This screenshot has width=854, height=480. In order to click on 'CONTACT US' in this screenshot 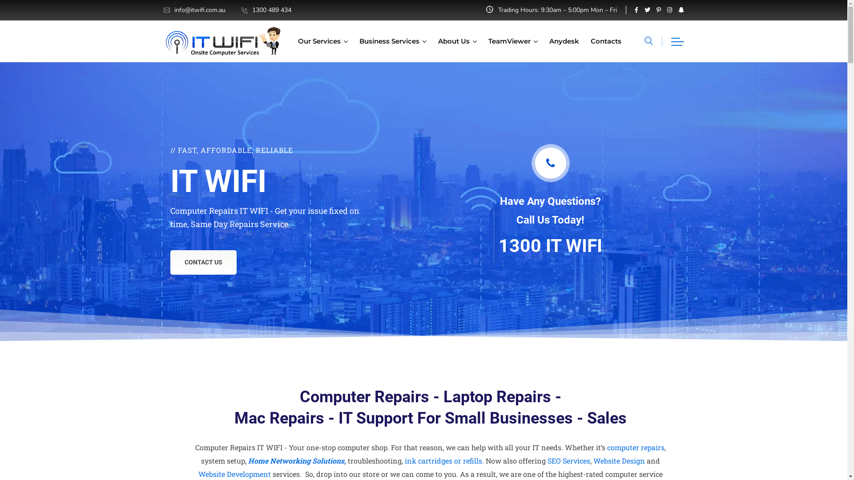, I will do `click(202, 262)`.